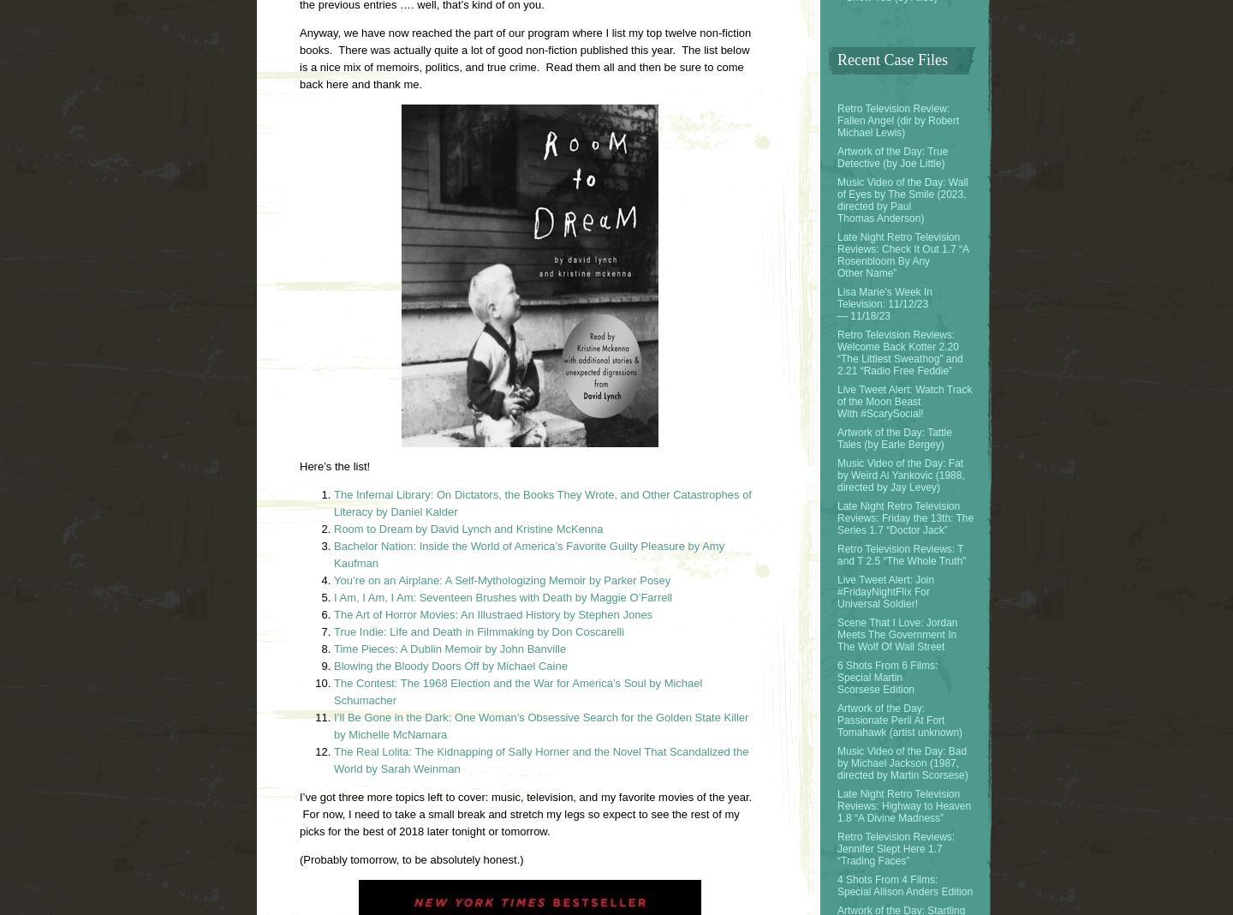  Describe the element at coordinates (332, 666) in the screenshot. I see `'Blowing the Bloody Doors Off by Michael Caine'` at that location.